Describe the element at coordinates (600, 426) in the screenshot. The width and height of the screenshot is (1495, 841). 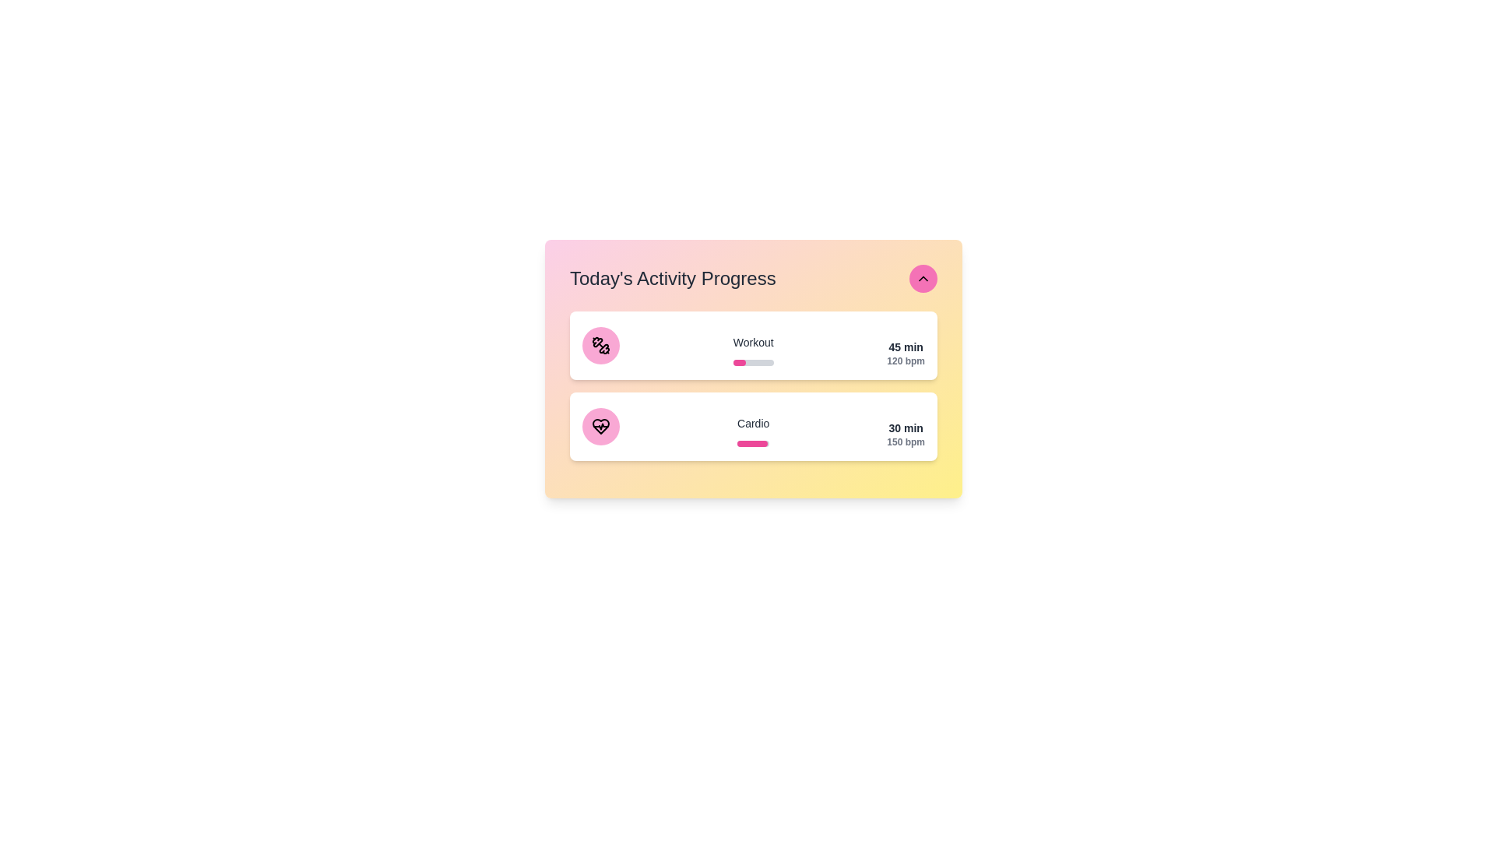
I see `the heart-shaped icon with a pulse line, presented in a pink circular background, located in the bottom row on the left side, associated with 'Cardio' activity data` at that location.